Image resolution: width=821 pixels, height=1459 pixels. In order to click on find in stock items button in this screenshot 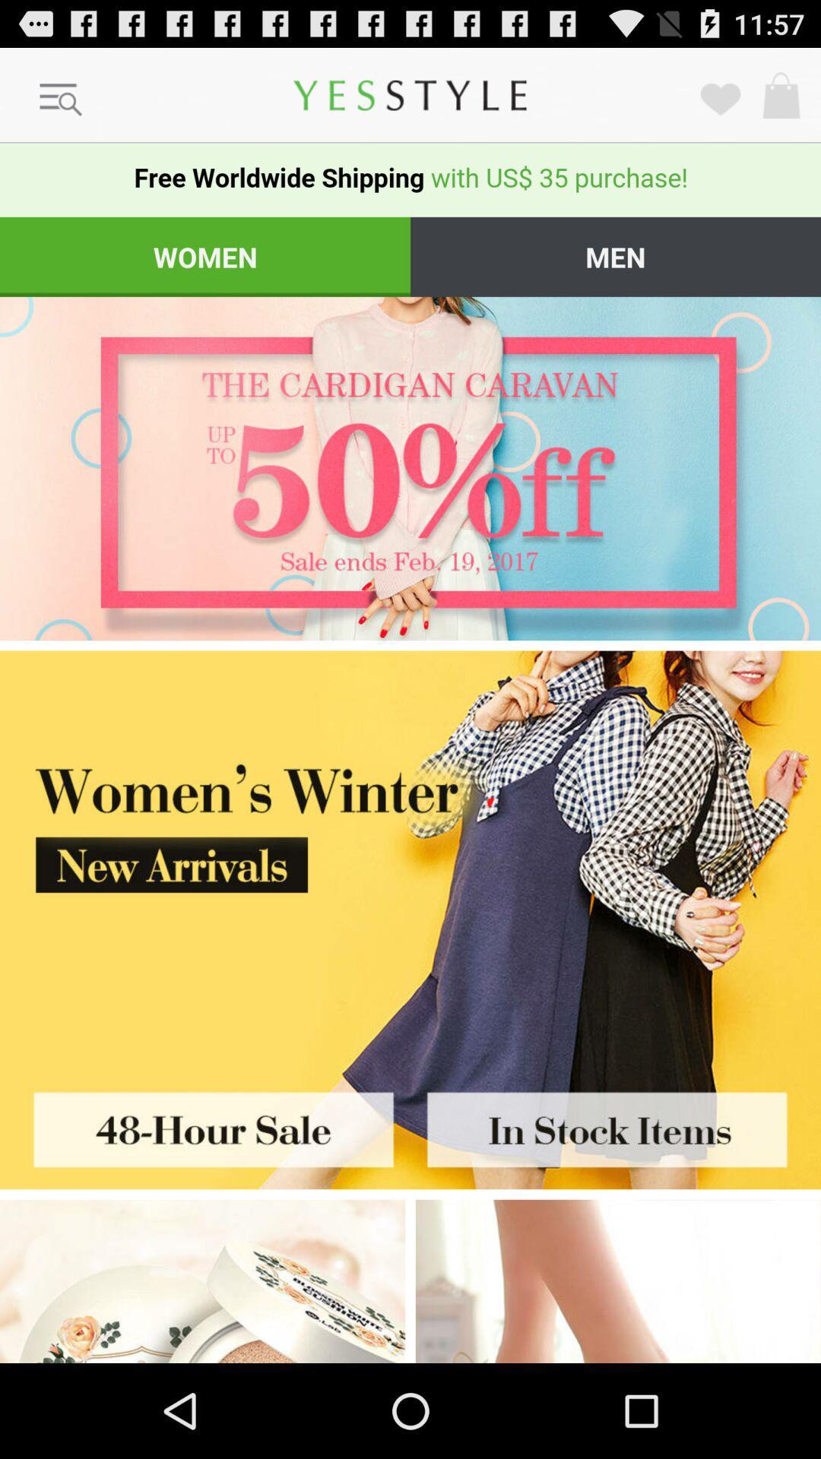, I will do `click(616, 1125)`.